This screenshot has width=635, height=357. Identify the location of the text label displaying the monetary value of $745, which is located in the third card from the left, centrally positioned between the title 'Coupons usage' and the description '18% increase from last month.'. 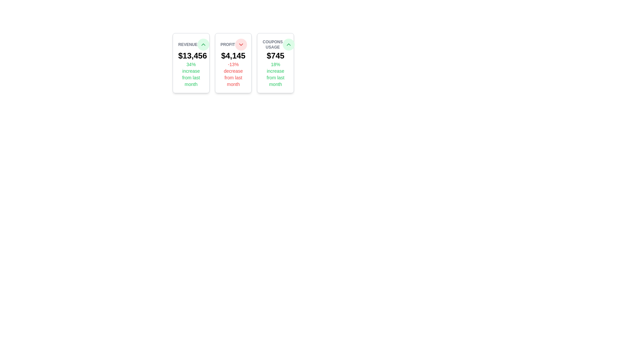
(275, 56).